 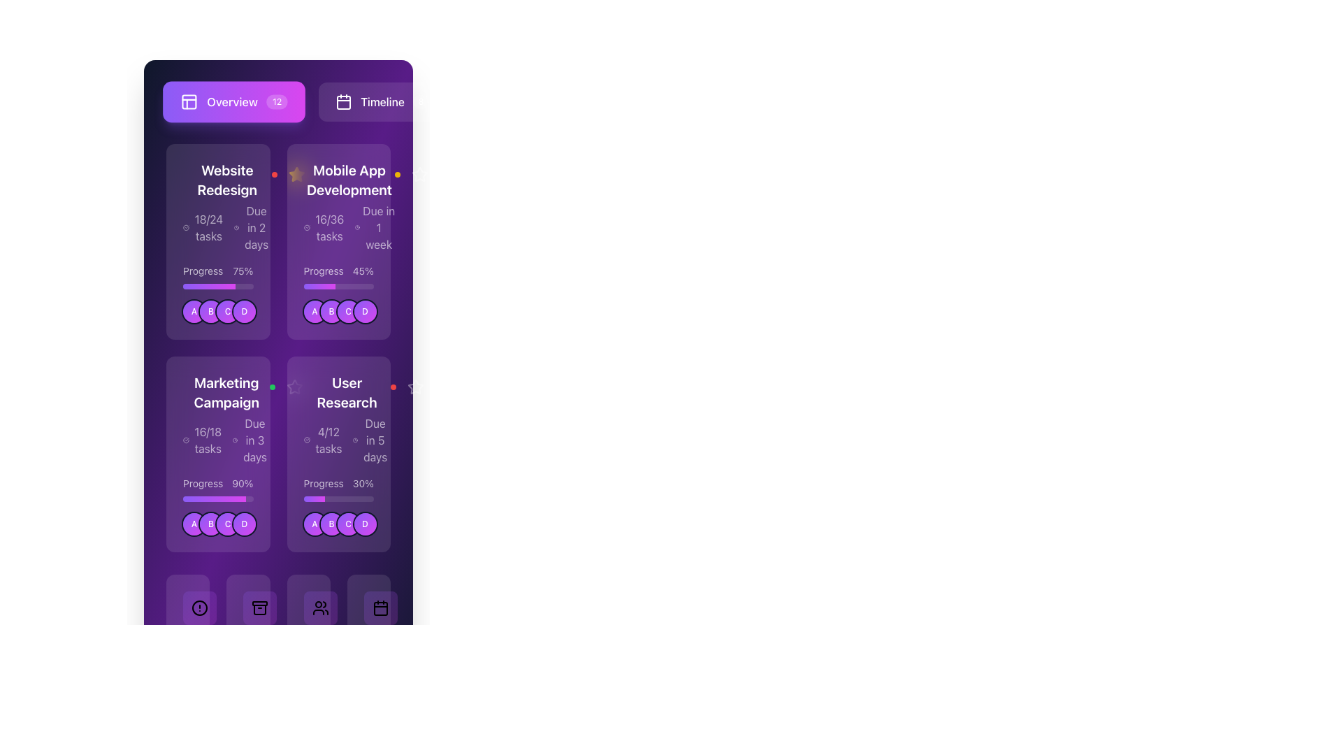 What do you see at coordinates (217, 498) in the screenshot?
I see `the progress bar located in the 'Marketing Campaign' section, which visually indicates 90% completion, positioned below the text 'Progress 90%' and above buttons A, B, C, and D` at bounding box center [217, 498].